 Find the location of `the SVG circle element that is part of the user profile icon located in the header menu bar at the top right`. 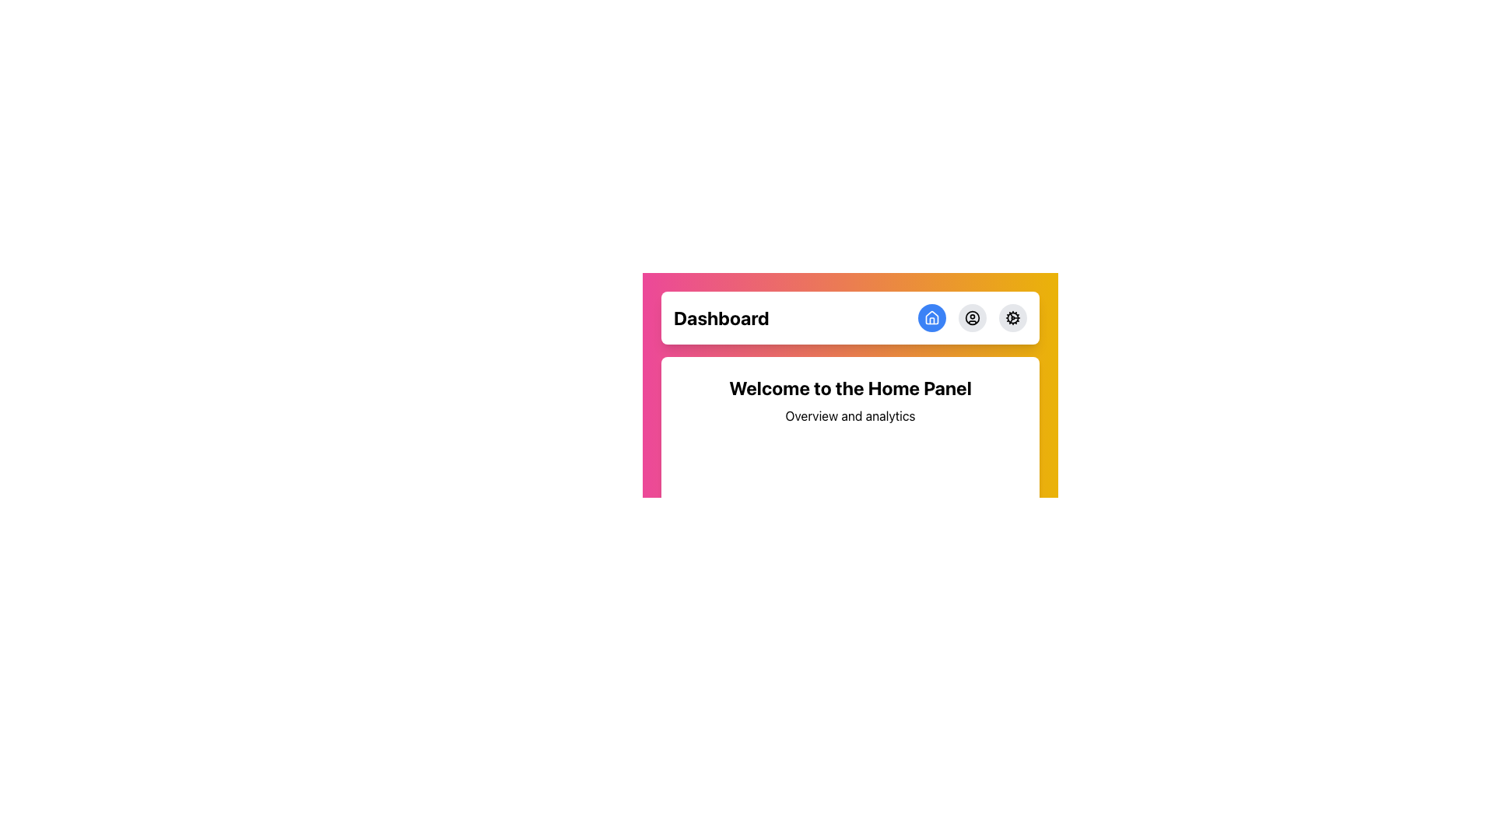

the SVG circle element that is part of the user profile icon located in the header menu bar at the top right is located at coordinates (971, 317).